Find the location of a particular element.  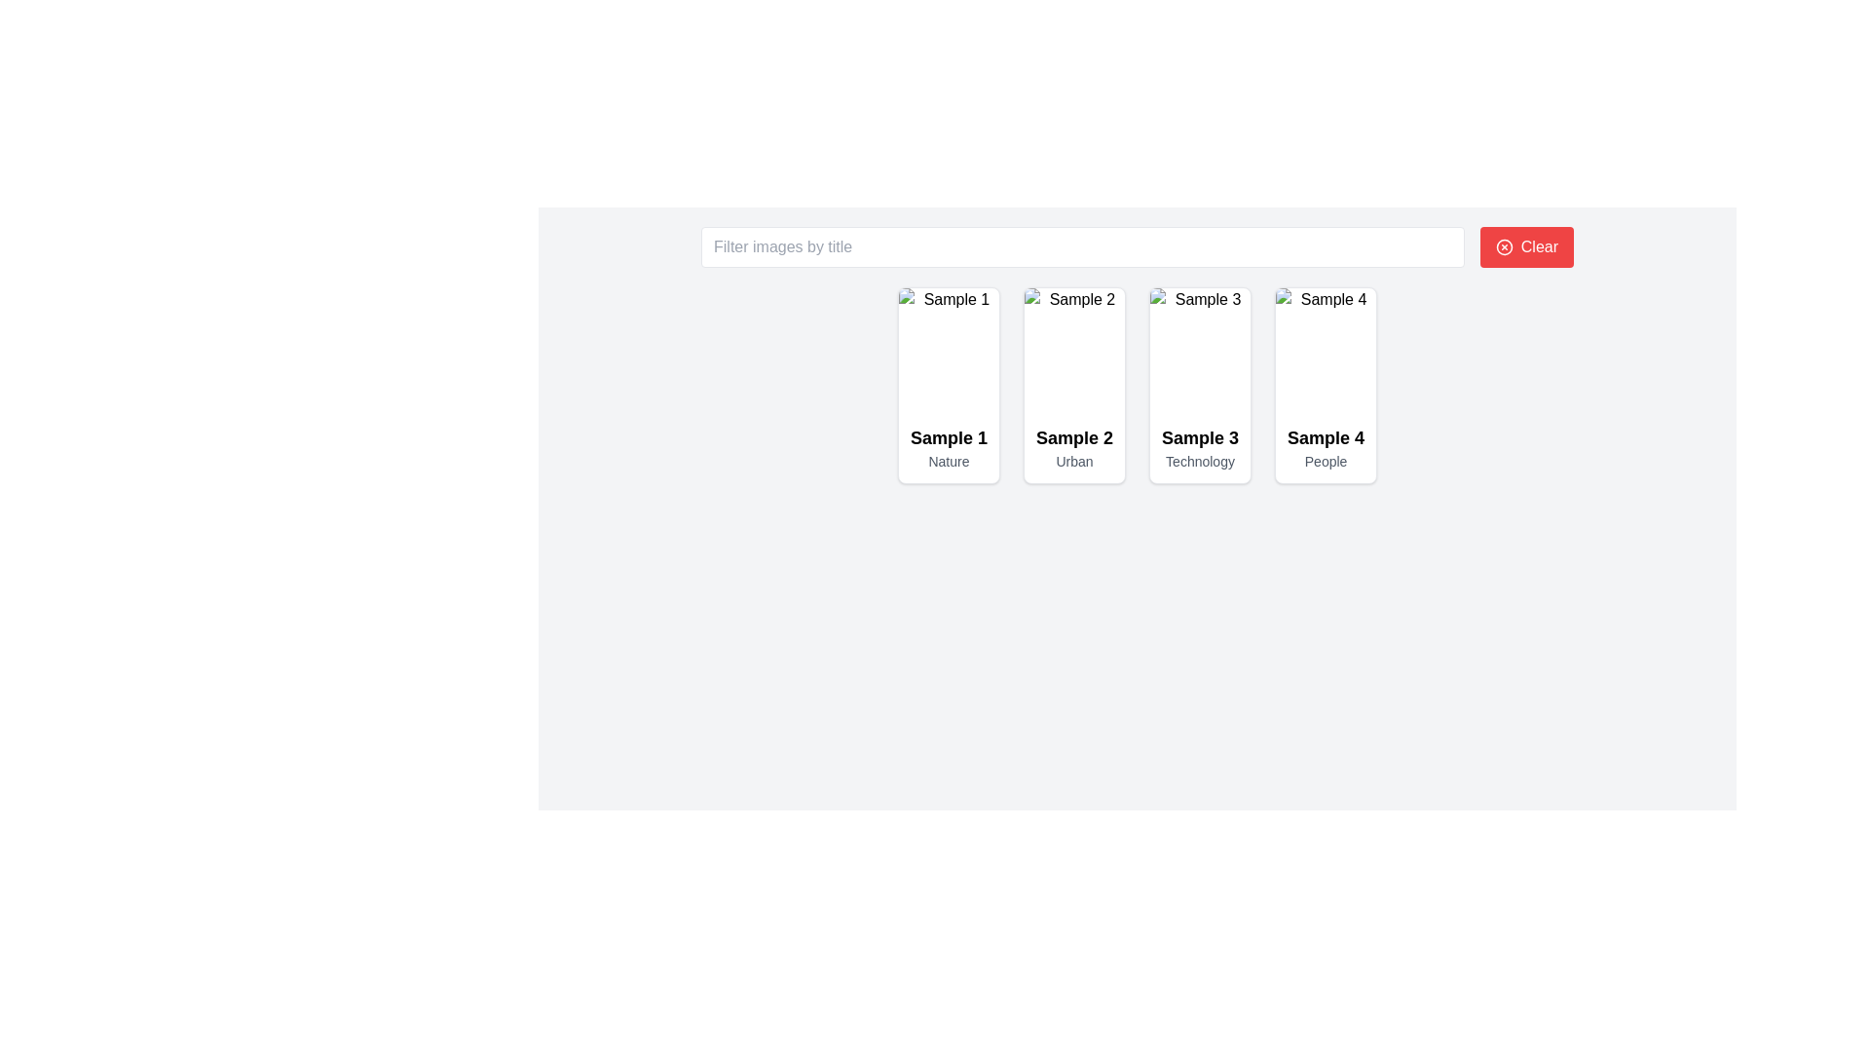

the primary label or title for the second card in the interface, positioned above the phrase 'Urban' is located at coordinates (1073, 438).